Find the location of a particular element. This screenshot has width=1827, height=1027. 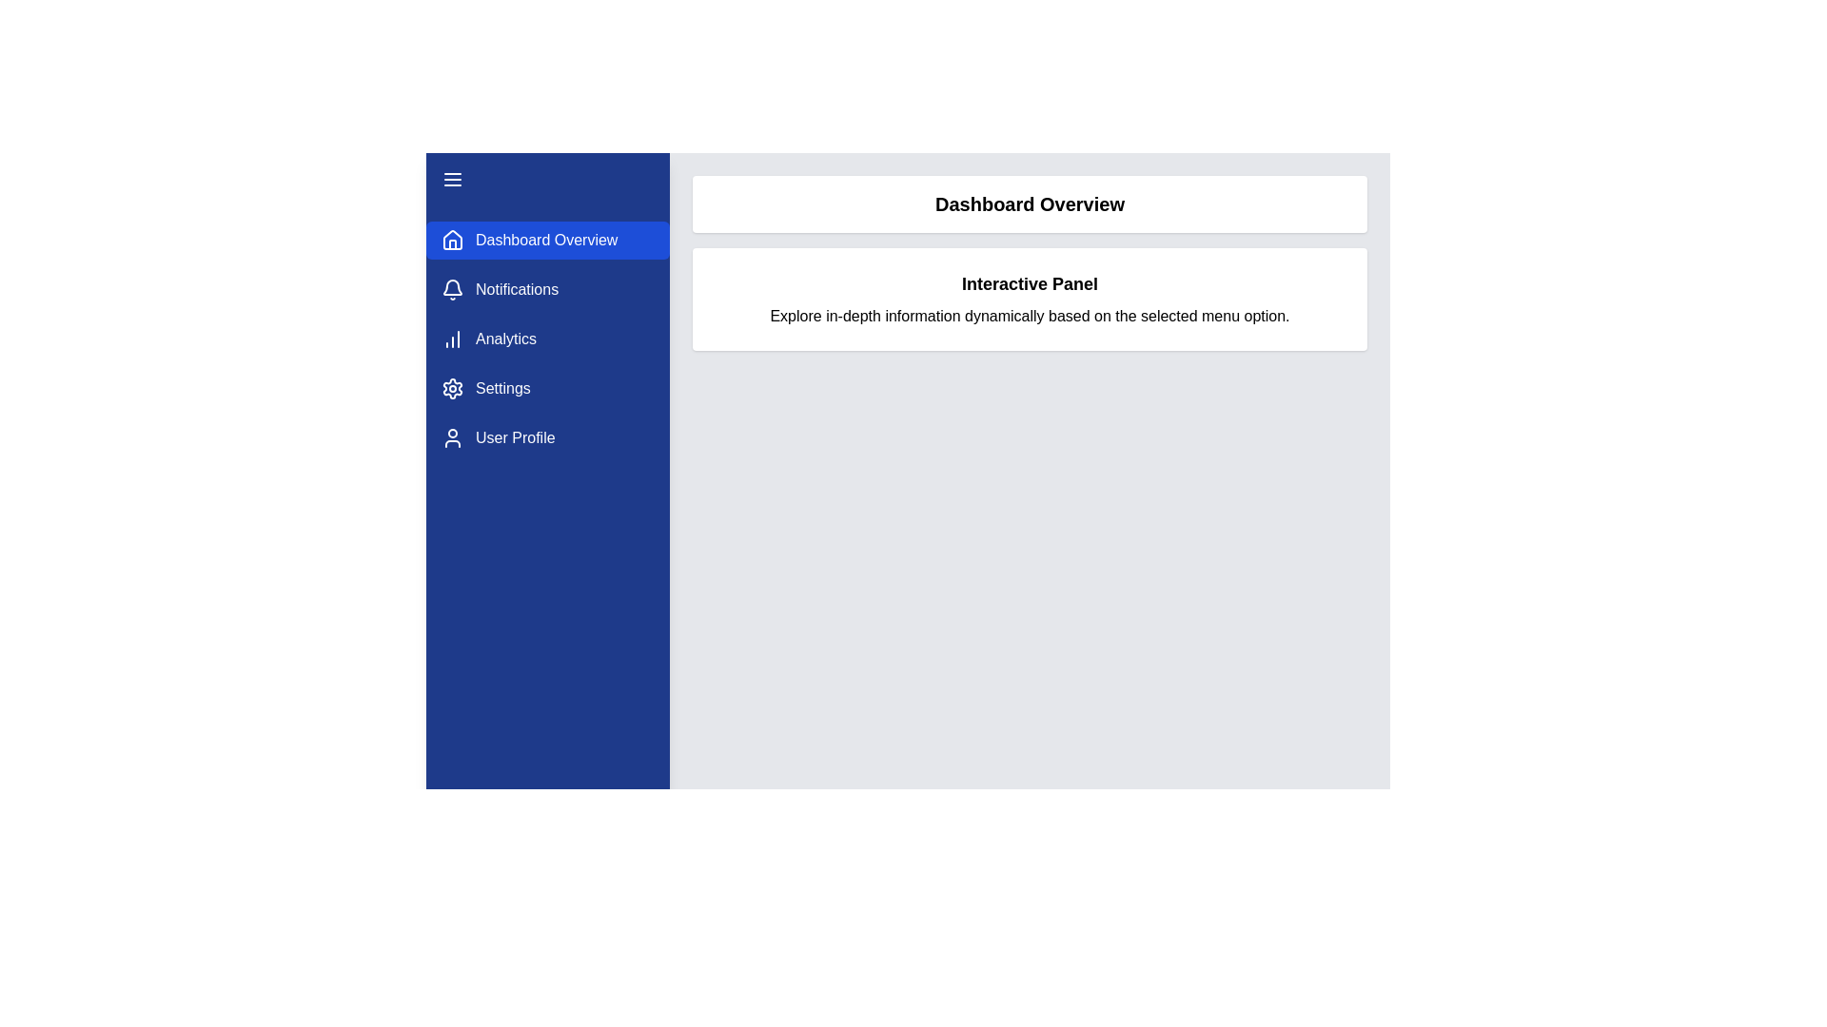

the house icon located in the vertical navigation menu to the left of the 'Dashboard Overview' text, which has a minimalist design and a white color on a blue background is located at coordinates (451, 240).